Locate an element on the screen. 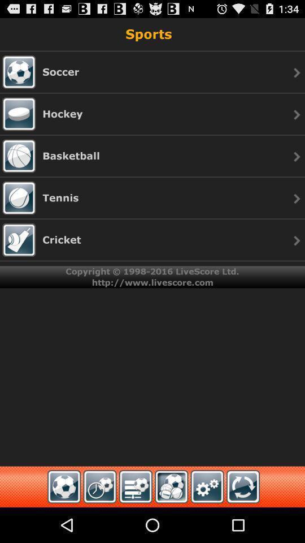 This screenshot has height=543, width=305. the settings icon is located at coordinates (207, 521).